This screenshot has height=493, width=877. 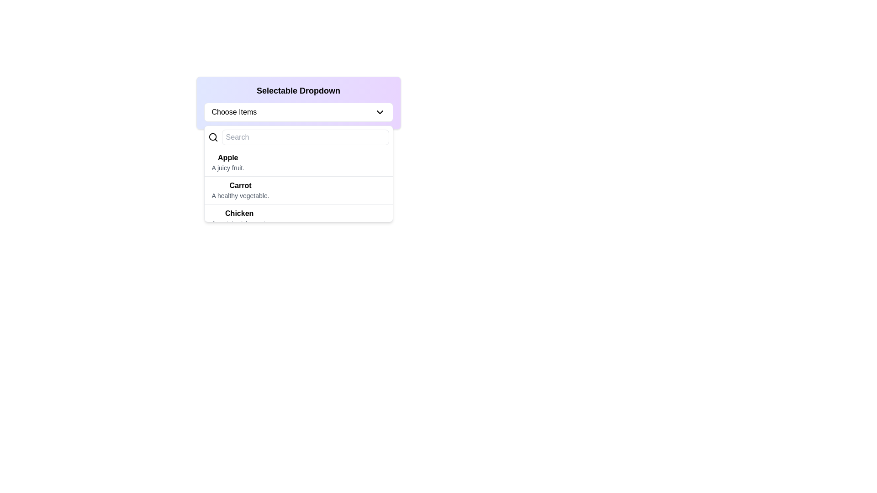 I want to click on the dropdown item labeled 'Apple' which includes the description 'A juicy fruit.', so click(x=298, y=162).